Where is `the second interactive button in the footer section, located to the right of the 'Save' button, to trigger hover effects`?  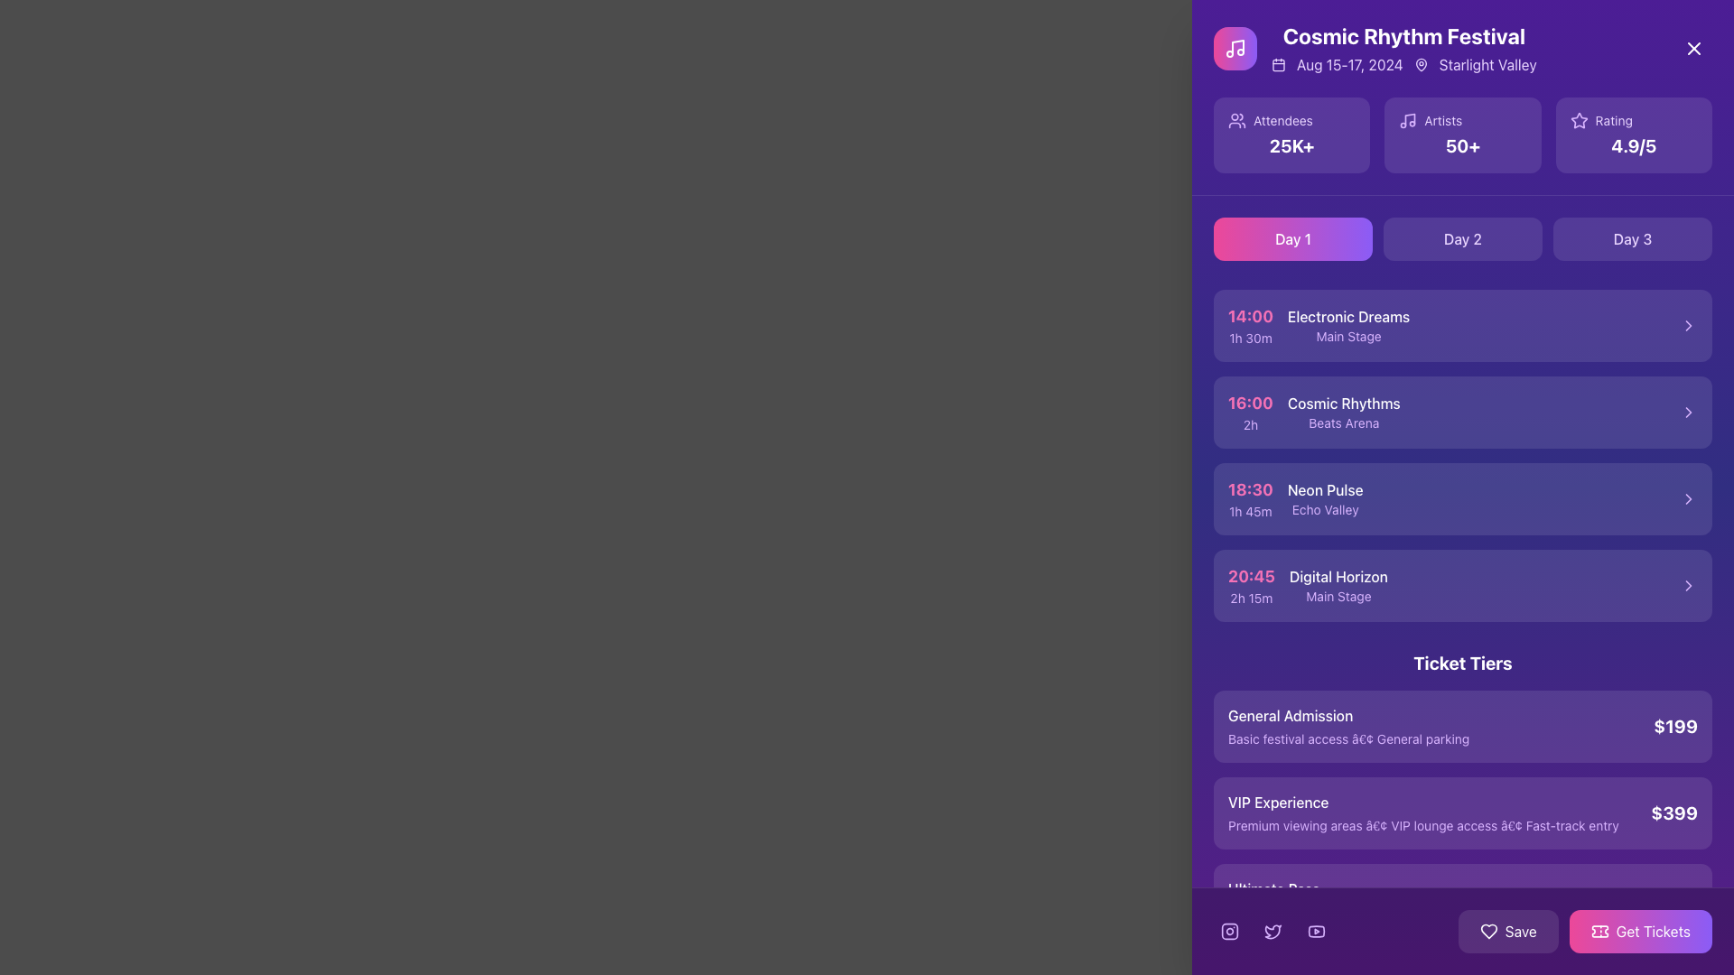
the second interactive button in the footer section, located to the right of the 'Save' button, to trigger hover effects is located at coordinates (1640, 932).